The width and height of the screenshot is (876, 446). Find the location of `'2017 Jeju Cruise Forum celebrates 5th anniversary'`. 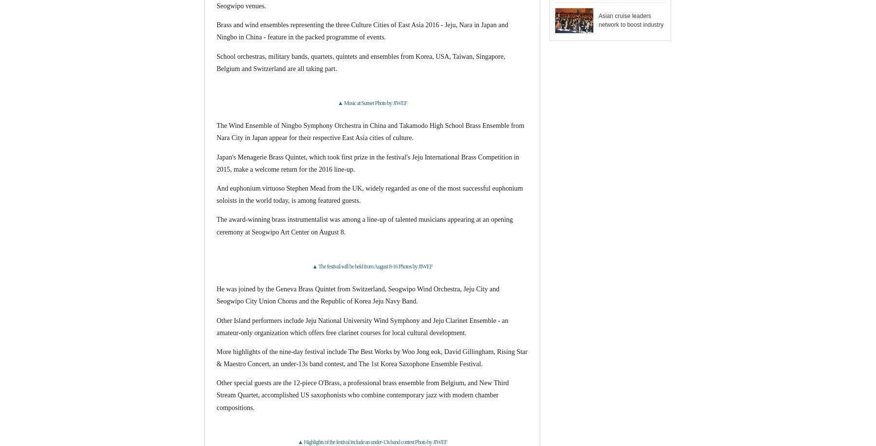

'2017 Jeju Cruise Forum celebrates 5th anniversary' is located at coordinates (600, 24).